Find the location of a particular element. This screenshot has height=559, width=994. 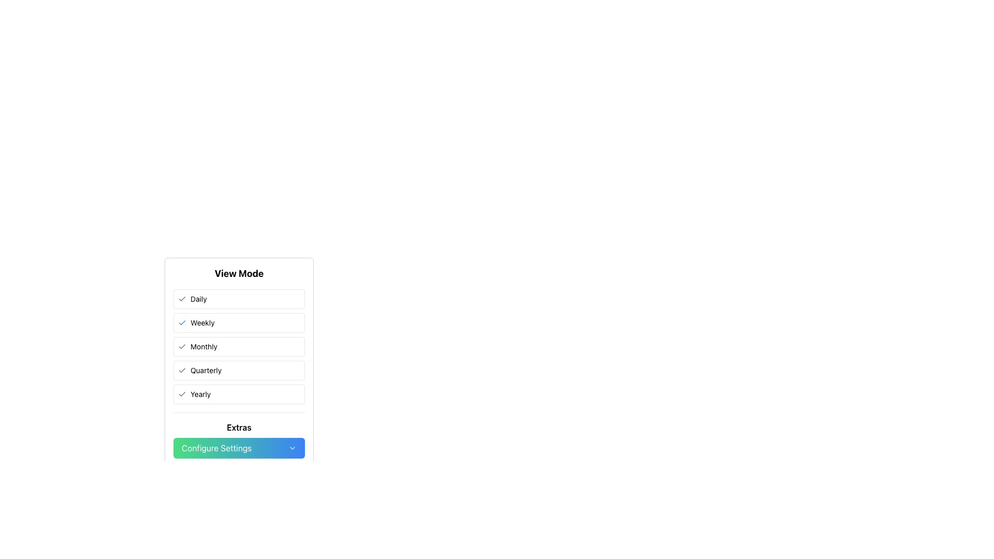

text label for the 'Monthly' selection option located in the third item of a vertical list of options is located at coordinates (203, 347).